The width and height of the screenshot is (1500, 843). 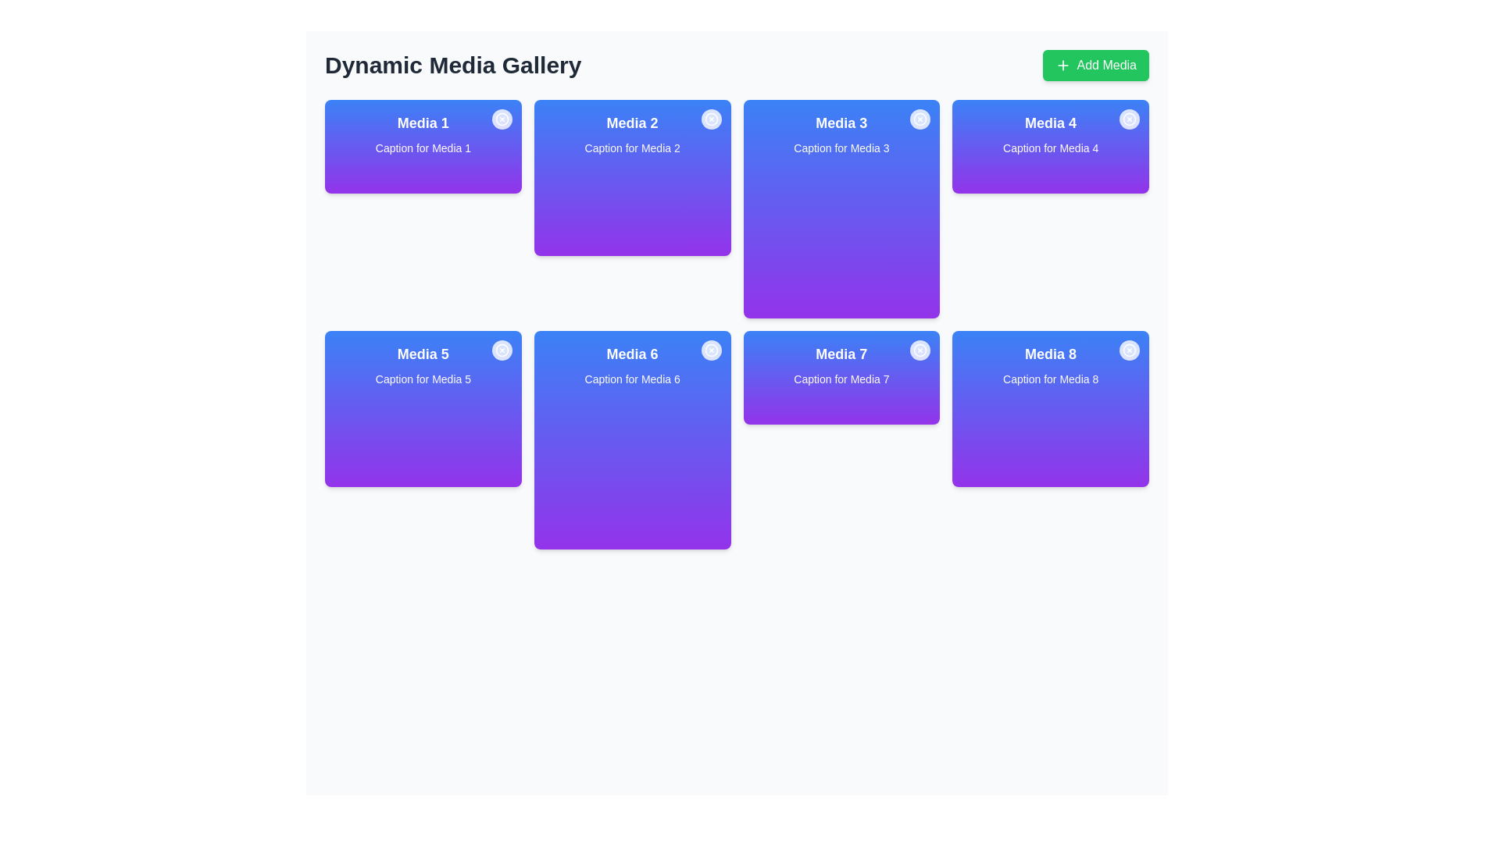 I want to click on text from the label displaying 'Caption for Media 8', which is white against a gradient blue to purple background, located in the media gallery grid layout, so click(x=1051, y=379).